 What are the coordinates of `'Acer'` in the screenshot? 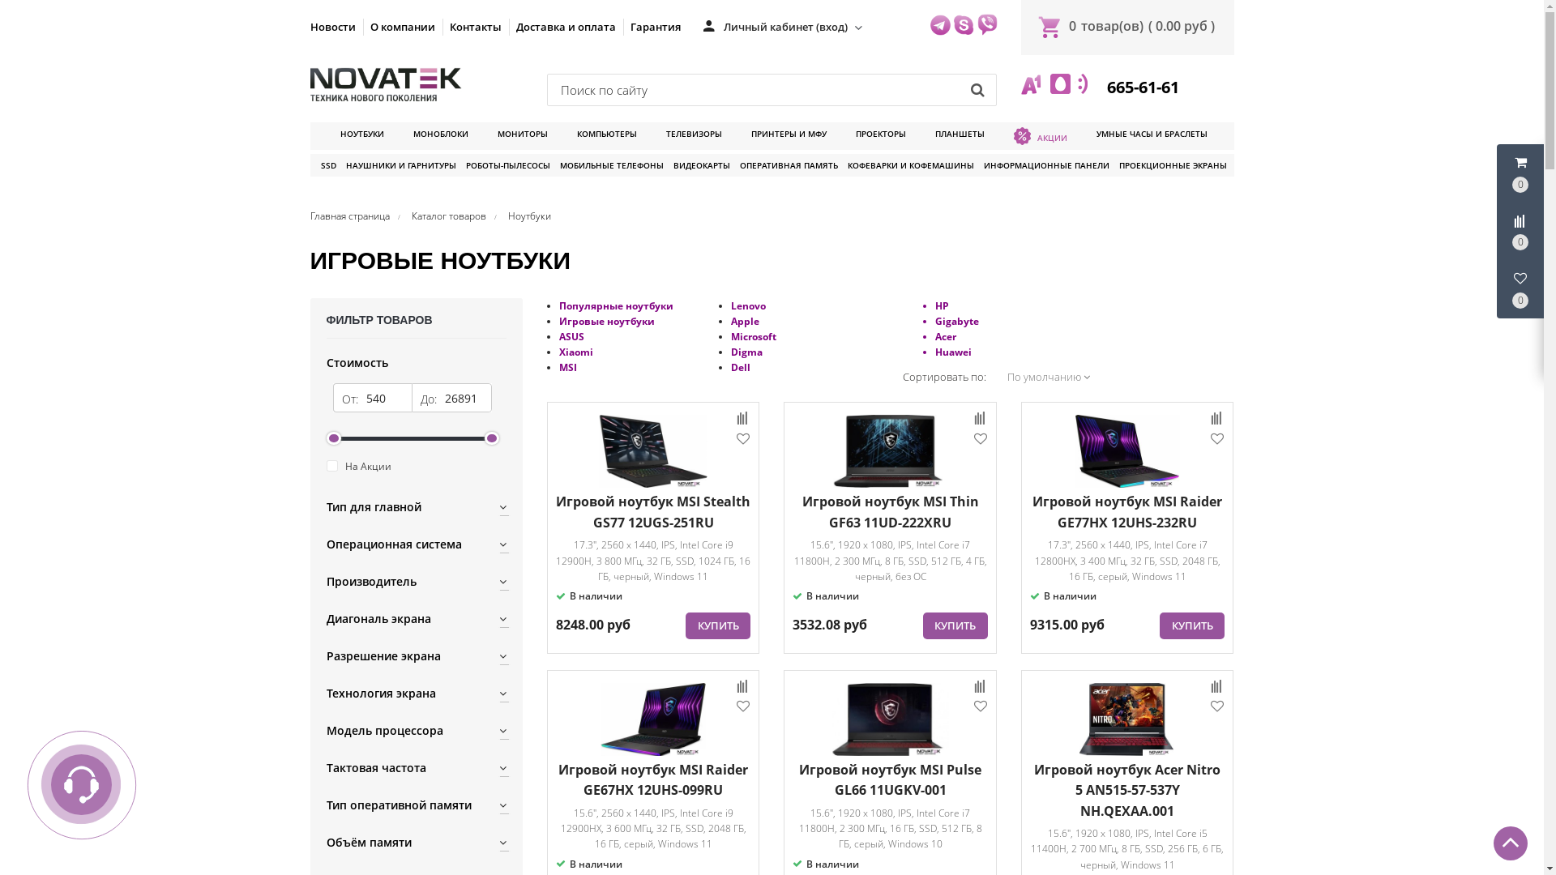 It's located at (934, 335).